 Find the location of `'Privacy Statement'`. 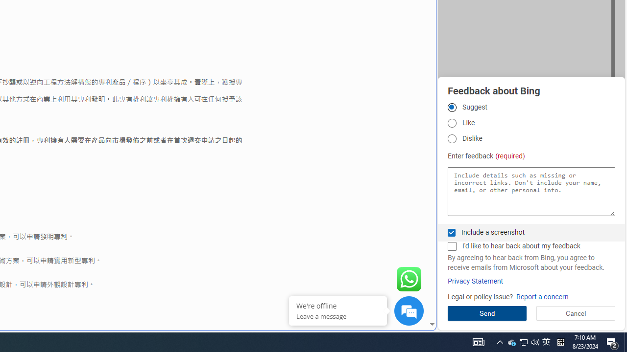

'Privacy Statement' is located at coordinates (475, 281).